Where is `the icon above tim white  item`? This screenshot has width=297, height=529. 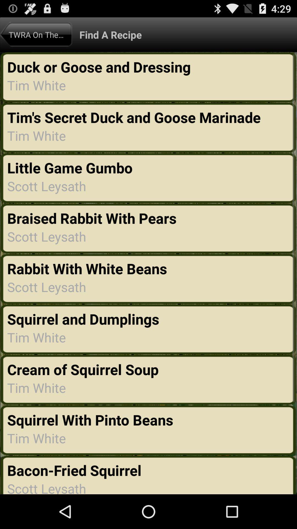 the icon above tim white  item is located at coordinates (84, 369).